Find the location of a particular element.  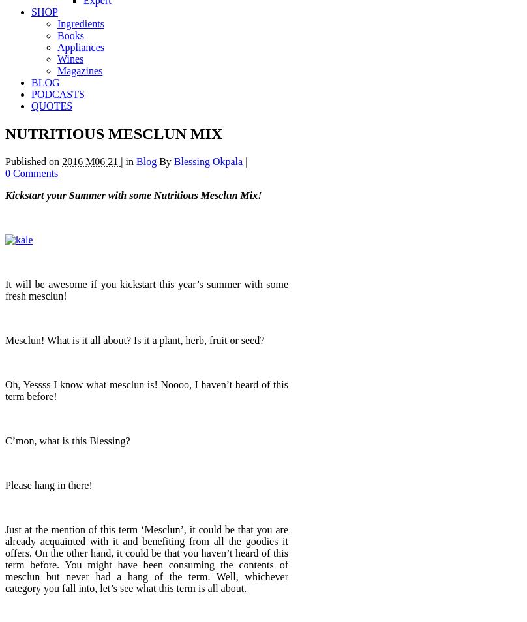

'Oh, Yessss I know what mesclun is! Noooo, I haven’t heard of this term before!' is located at coordinates (147, 390).